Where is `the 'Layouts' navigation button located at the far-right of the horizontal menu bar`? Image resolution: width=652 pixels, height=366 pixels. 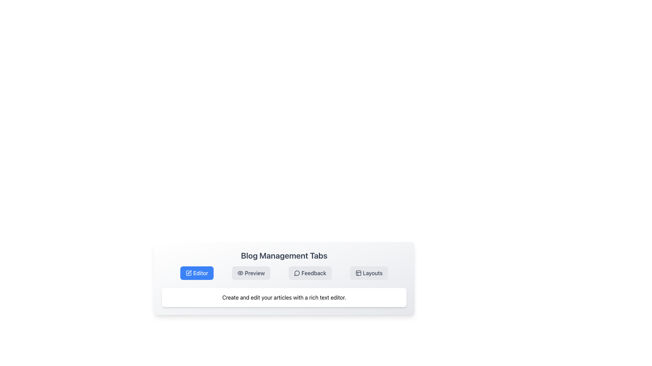
the 'Layouts' navigation button located at the far-right of the horizontal menu bar is located at coordinates (368, 273).